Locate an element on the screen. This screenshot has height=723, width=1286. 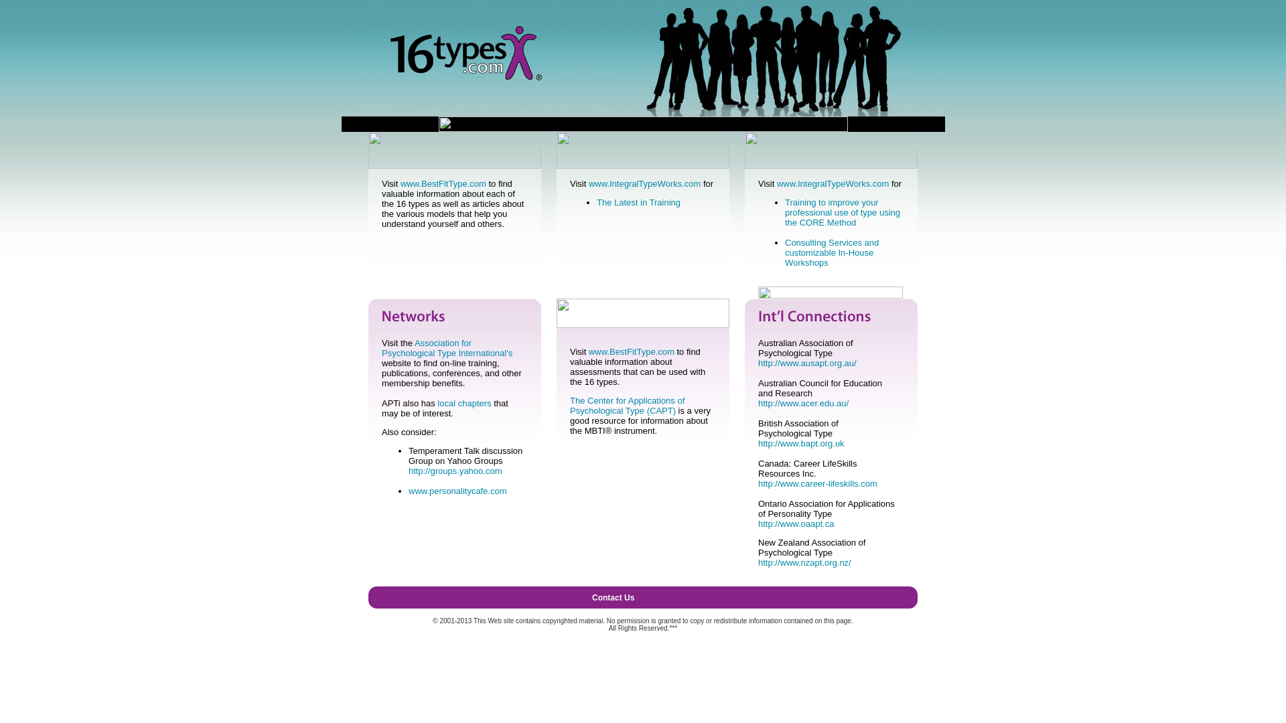
'www.IntegralTypeWorks.com' is located at coordinates (588, 183).